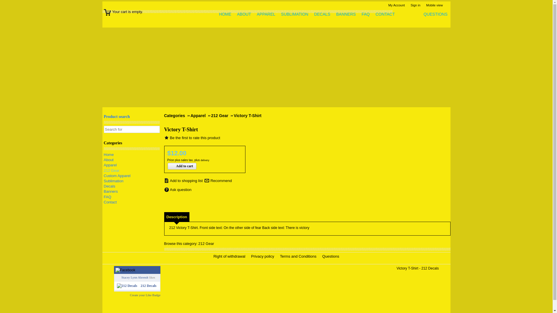 The height and width of the screenshot is (313, 557). Describe the element at coordinates (398, 5) in the screenshot. I see `'My Account'` at that location.